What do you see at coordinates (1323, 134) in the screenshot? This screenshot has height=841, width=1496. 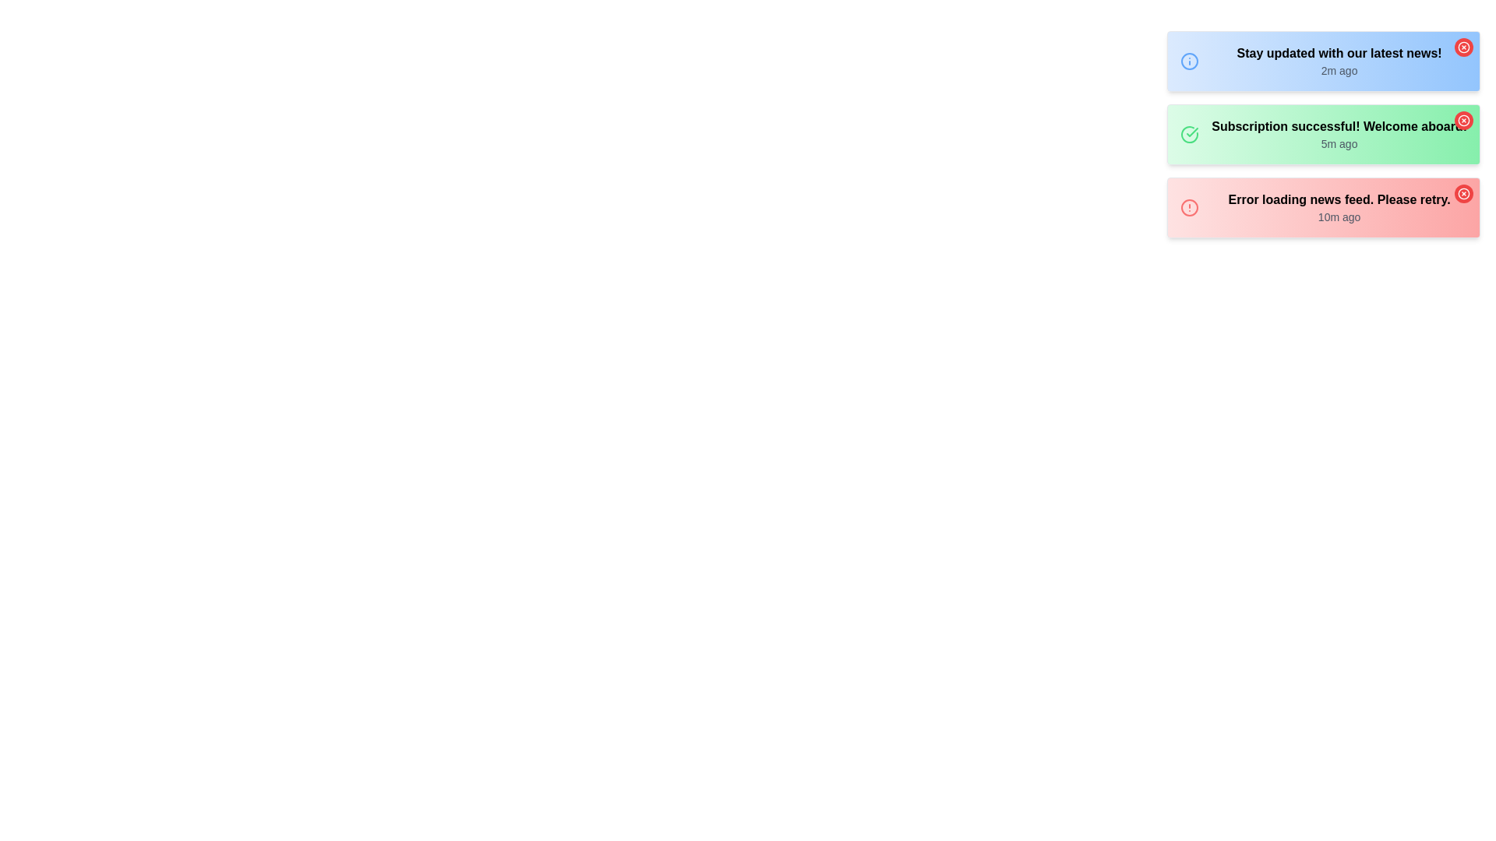 I see `the close button on the top-right corner of the second notification box that informs the user about a successful subscription event` at bounding box center [1323, 134].